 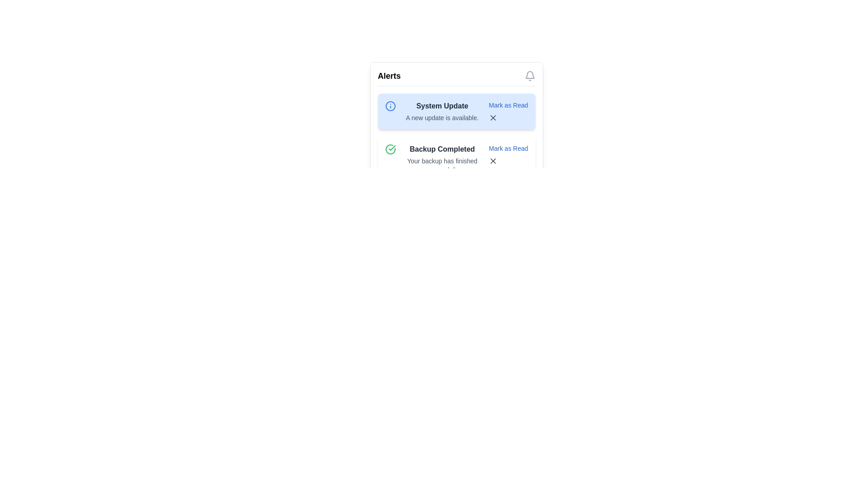 I want to click on the text label displaying 'Your backup has finished successfully.' which is located beneath the 'Backup Completed' heading in the notification block, so click(x=442, y=165).